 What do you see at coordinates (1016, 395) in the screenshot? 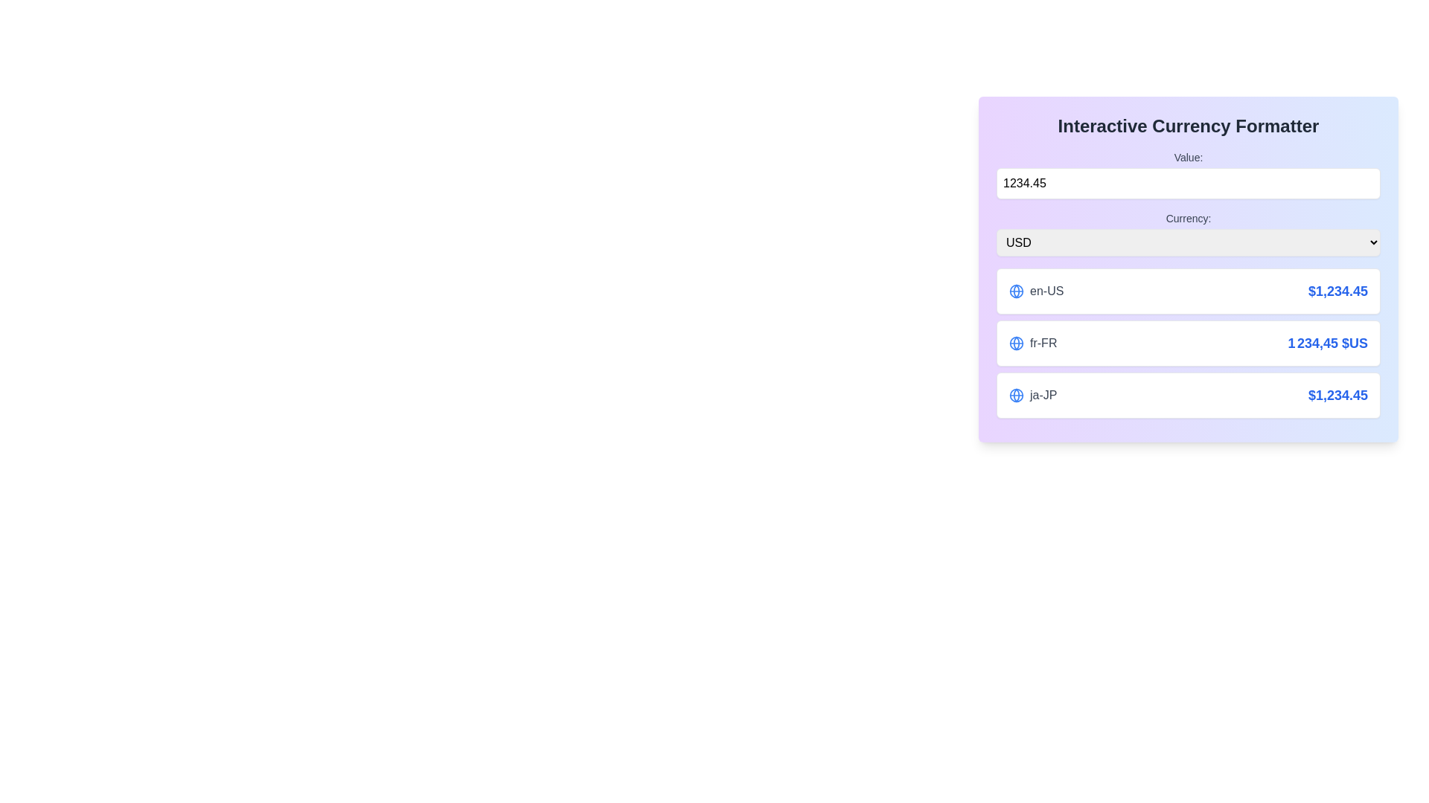
I see `the blue circle icon representing the globe for currency formatting selection through keyboard navigation, located next to the 'en-US' text in the options list` at bounding box center [1016, 395].